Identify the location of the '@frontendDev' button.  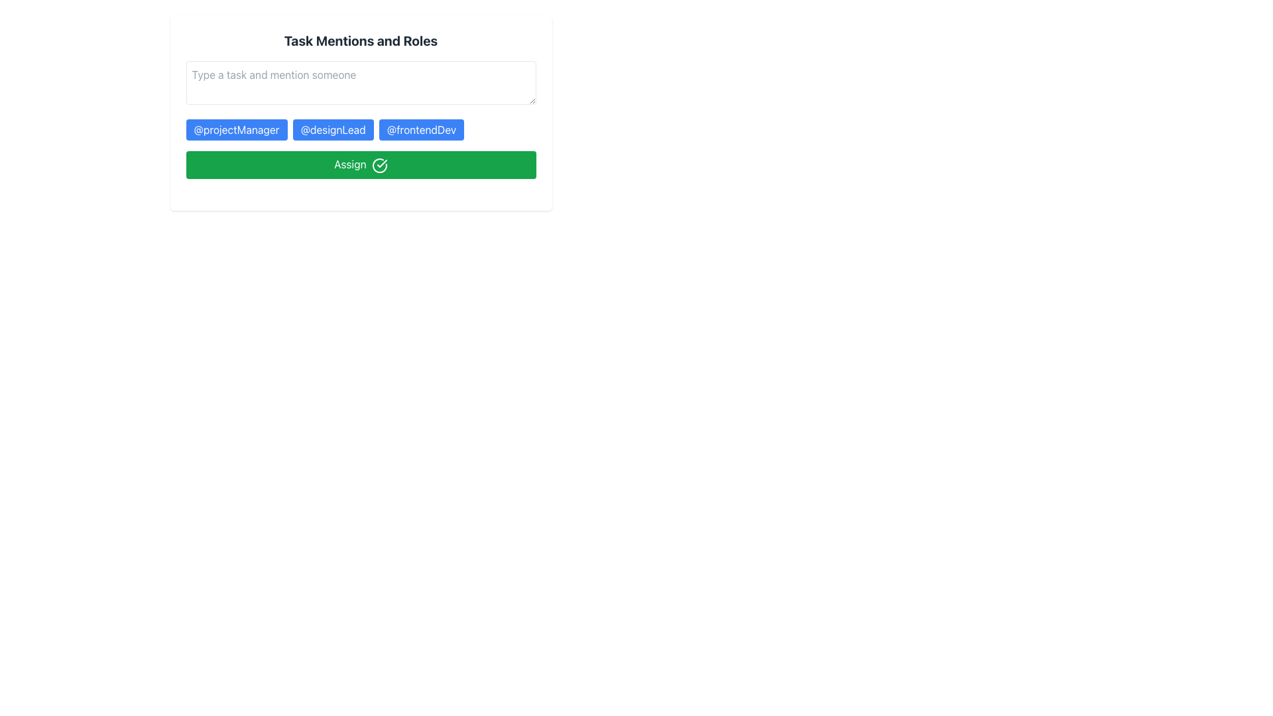
(420, 130).